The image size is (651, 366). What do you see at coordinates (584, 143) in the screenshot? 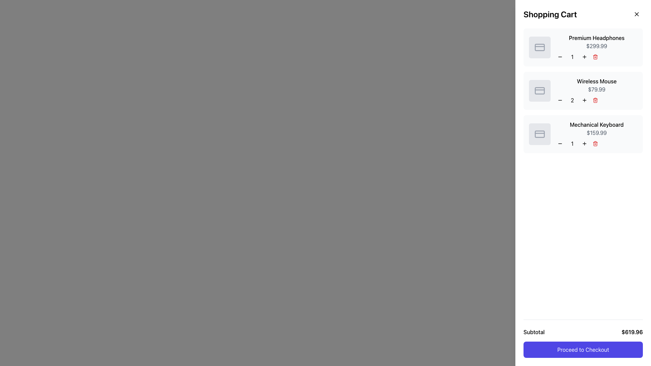
I see `the small square button with a '+' symbol located in the shopping cart section next to the quantity indicator for the 'Mechanical Keyboard' item` at bounding box center [584, 143].